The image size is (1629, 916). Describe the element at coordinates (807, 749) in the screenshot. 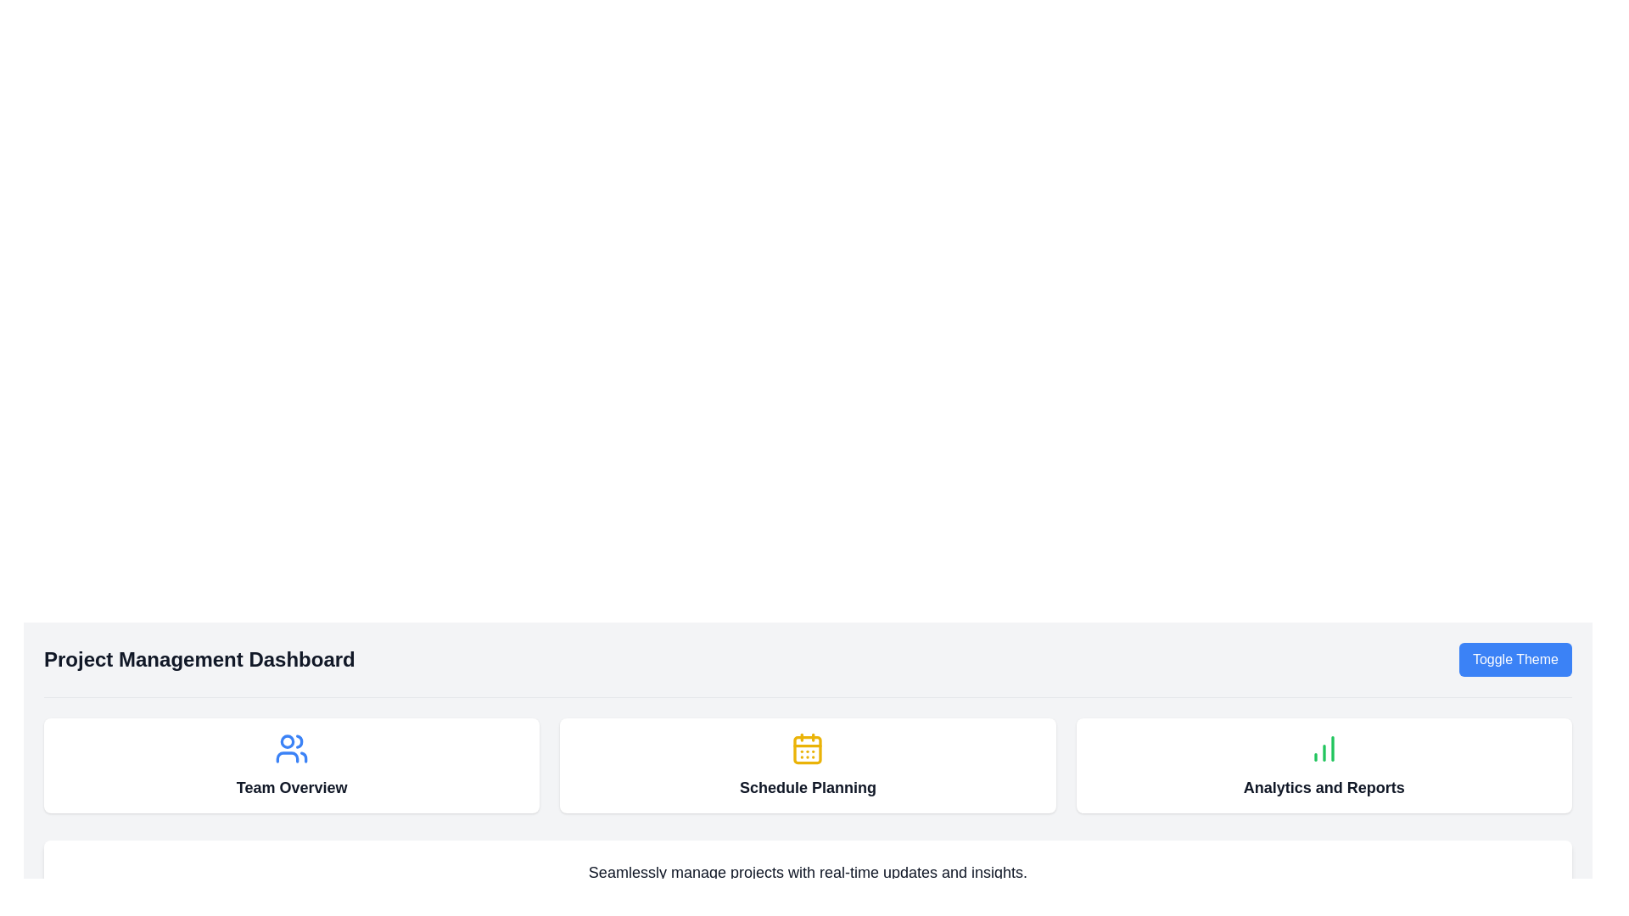

I see `the central rectangular icon with rounded corners in the 'Schedule Planning' section of the calendar graphic` at that location.